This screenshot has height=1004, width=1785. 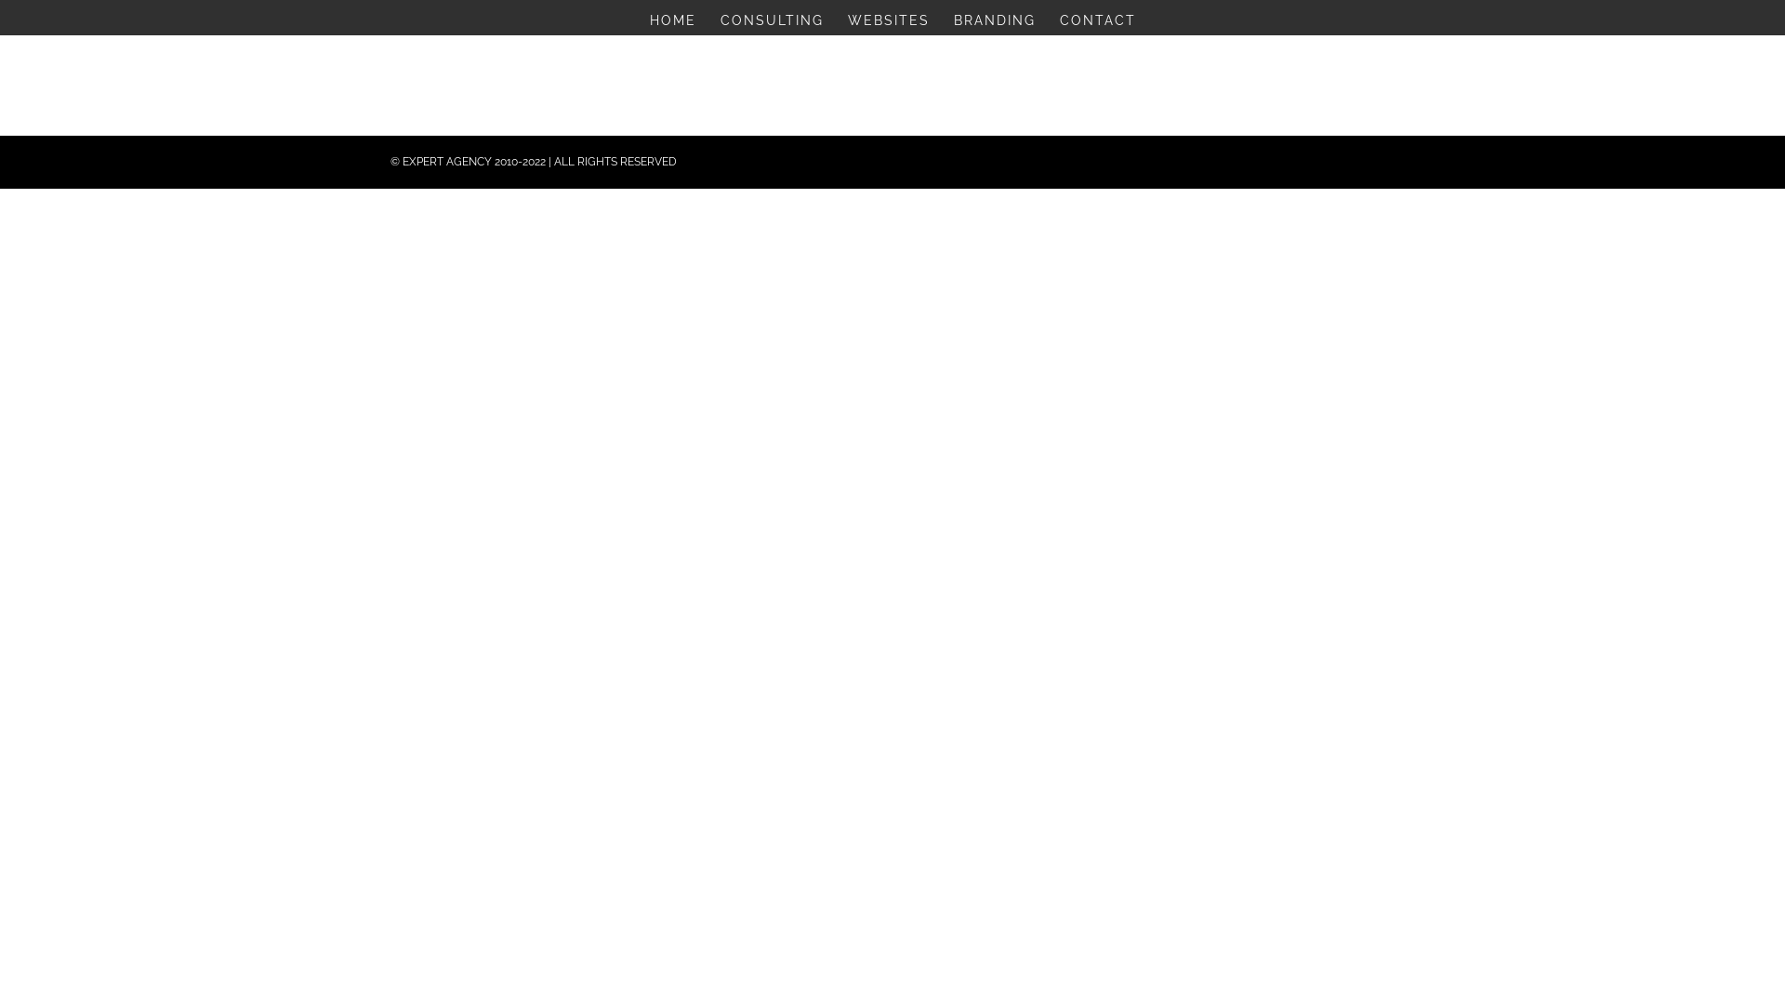 What do you see at coordinates (671, 24) in the screenshot?
I see `'HOME'` at bounding box center [671, 24].